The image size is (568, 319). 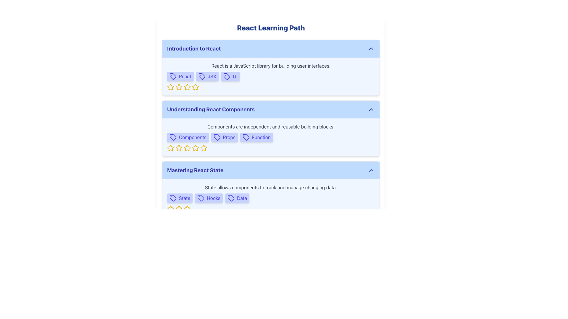 What do you see at coordinates (237, 198) in the screenshot?
I see `the third button in the row of tags within the 'Mastering React State' section` at bounding box center [237, 198].